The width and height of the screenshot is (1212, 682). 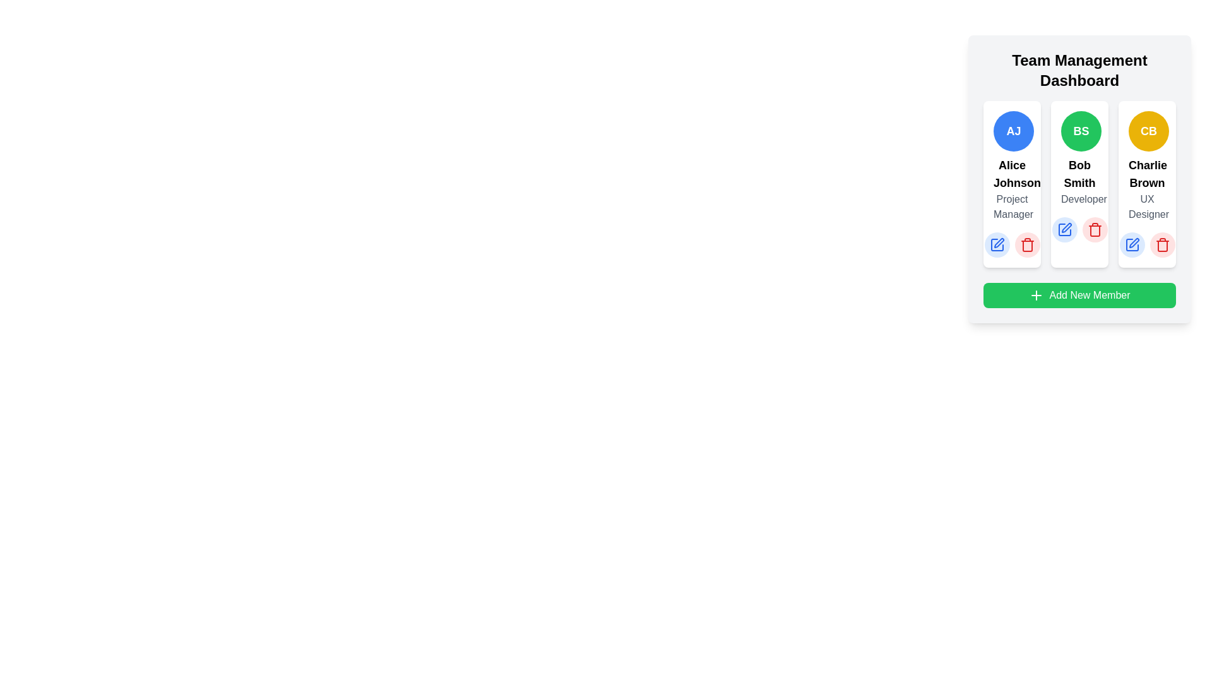 What do you see at coordinates (1037, 295) in the screenshot?
I see `the interactive SVG icon located on the 'Add New Member' green button, positioned at the bottom center of the interface` at bounding box center [1037, 295].